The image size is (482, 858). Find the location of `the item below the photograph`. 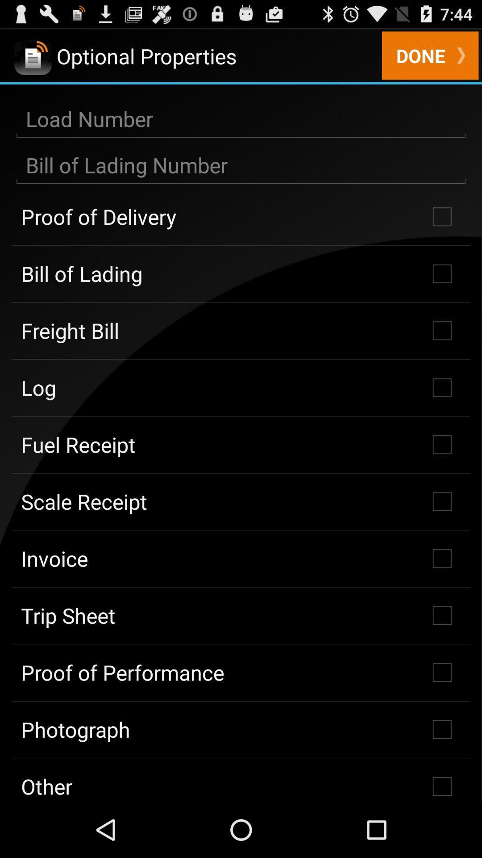

the item below the photograph is located at coordinates (241, 779).